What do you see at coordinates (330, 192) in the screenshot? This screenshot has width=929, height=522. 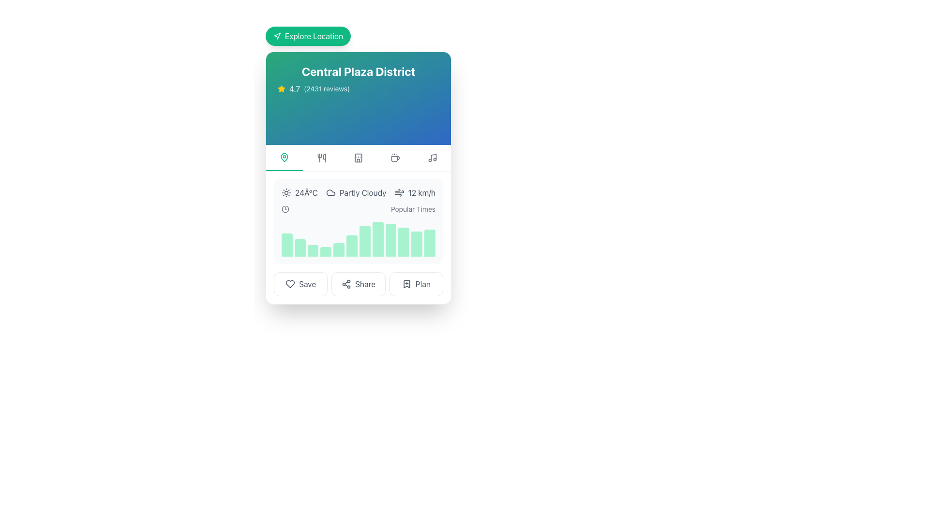 I see `the partly cloudy weather icon represented as an SVG in the middle-top part of the weather information card` at bounding box center [330, 192].